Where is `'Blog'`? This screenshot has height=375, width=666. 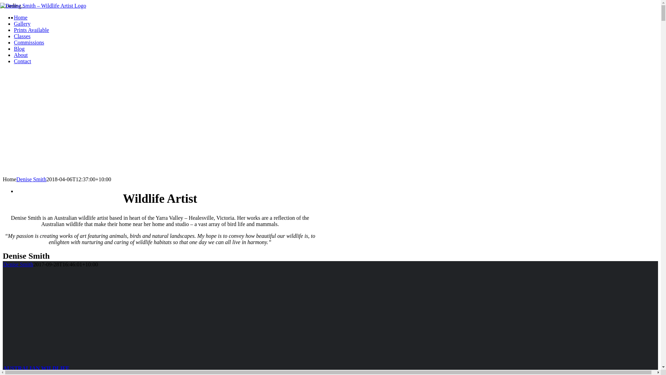 'Blog' is located at coordinates (19, 48).